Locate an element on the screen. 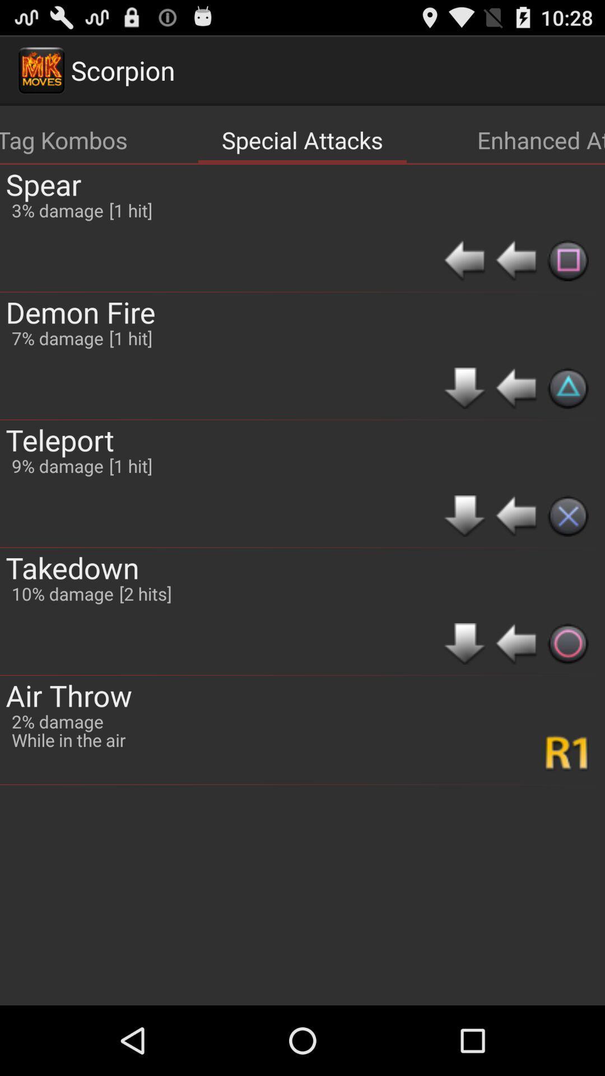 The height and width of the screenshot is (1076, 605). item to the left of special attacks item is located at coordinates (64, 139).